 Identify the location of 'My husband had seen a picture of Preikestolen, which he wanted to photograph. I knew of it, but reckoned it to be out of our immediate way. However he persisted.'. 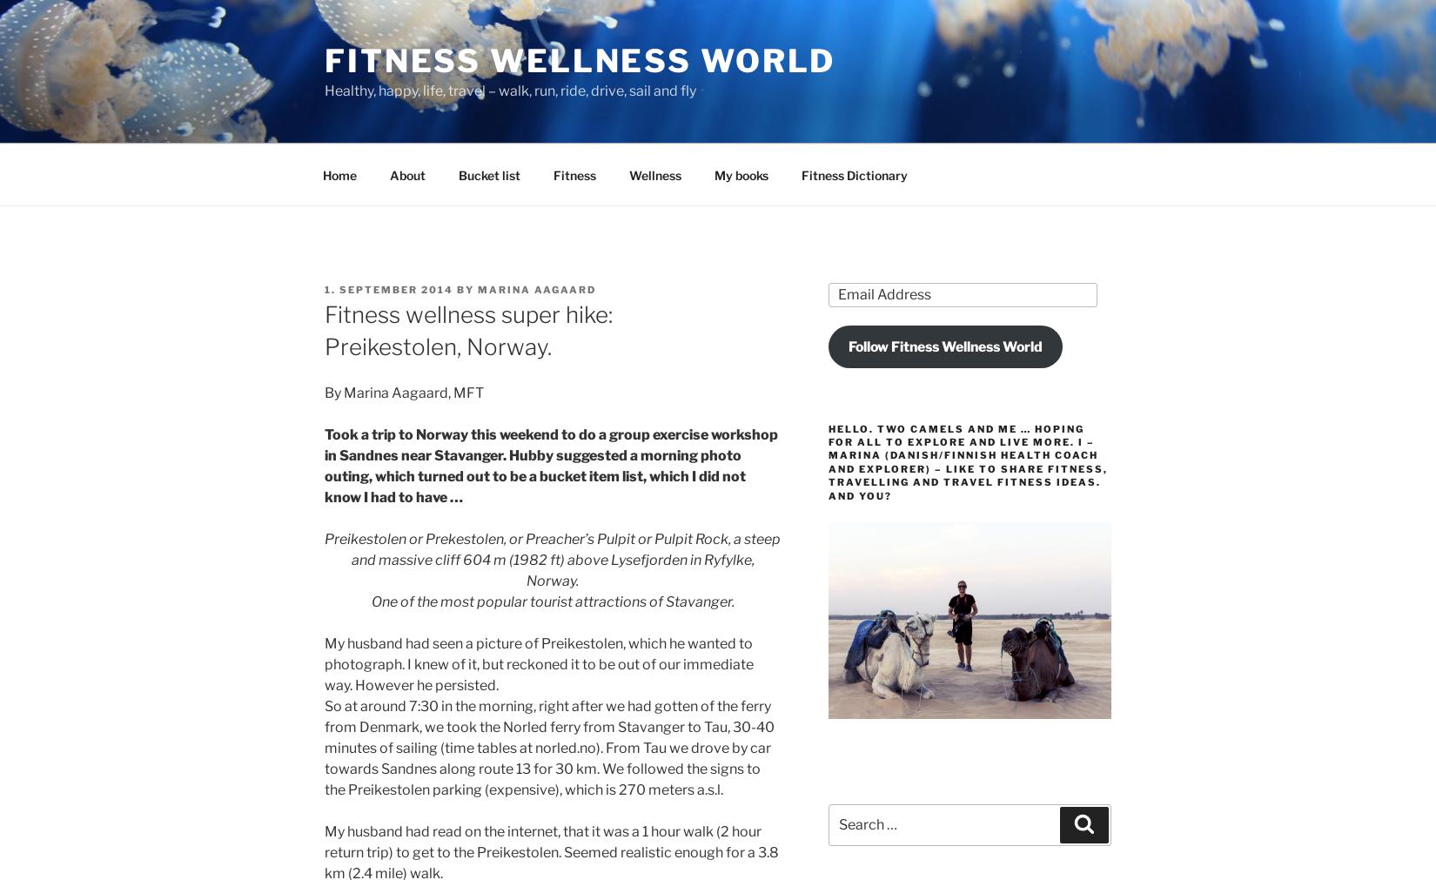
(538, 662).